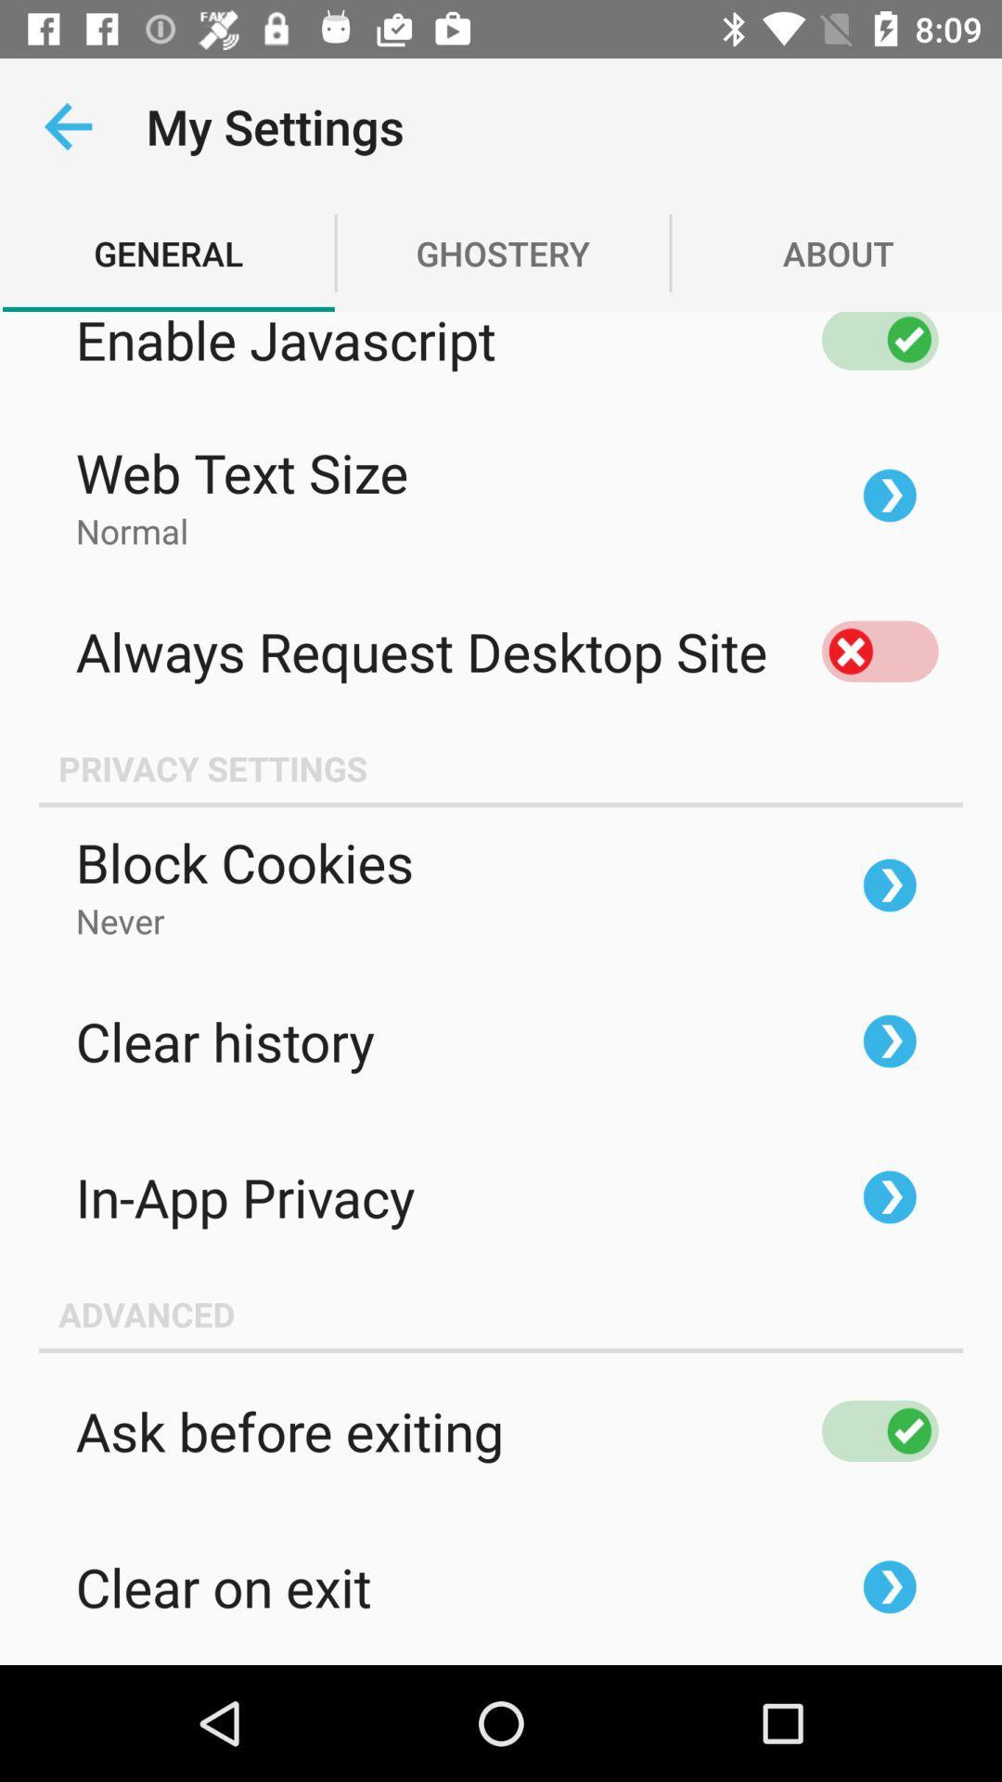  Describe the element at coordinates (879, 651) in the screenshot. I see `the radio button which is to the right of always request desktop site` at that location.